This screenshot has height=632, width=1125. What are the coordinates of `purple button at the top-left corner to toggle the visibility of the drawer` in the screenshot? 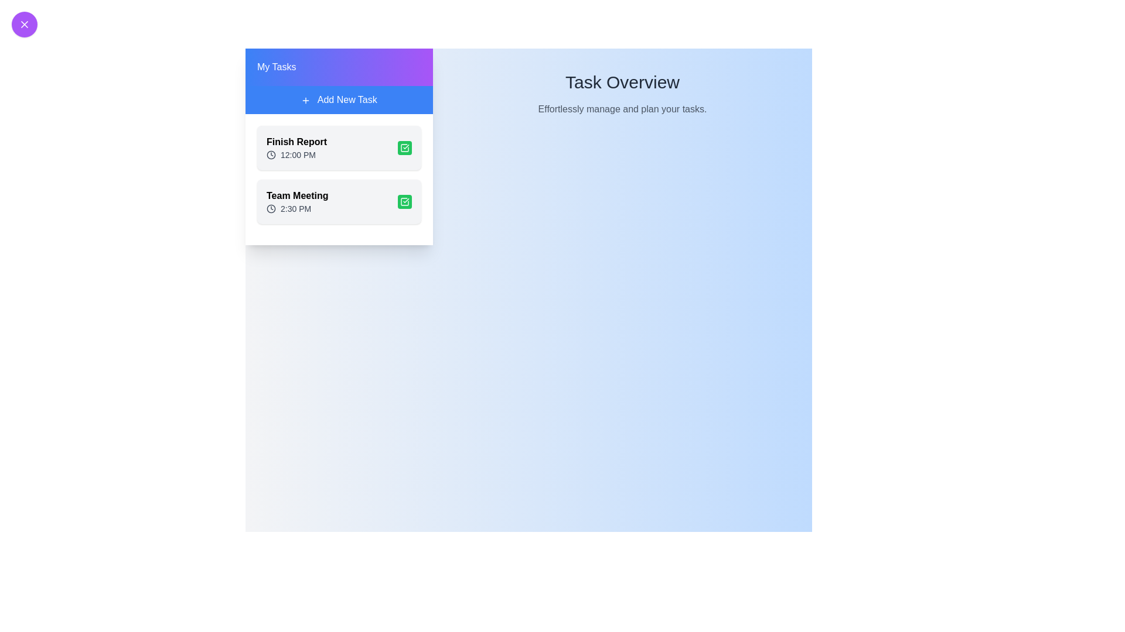 It's located at (25, 25).